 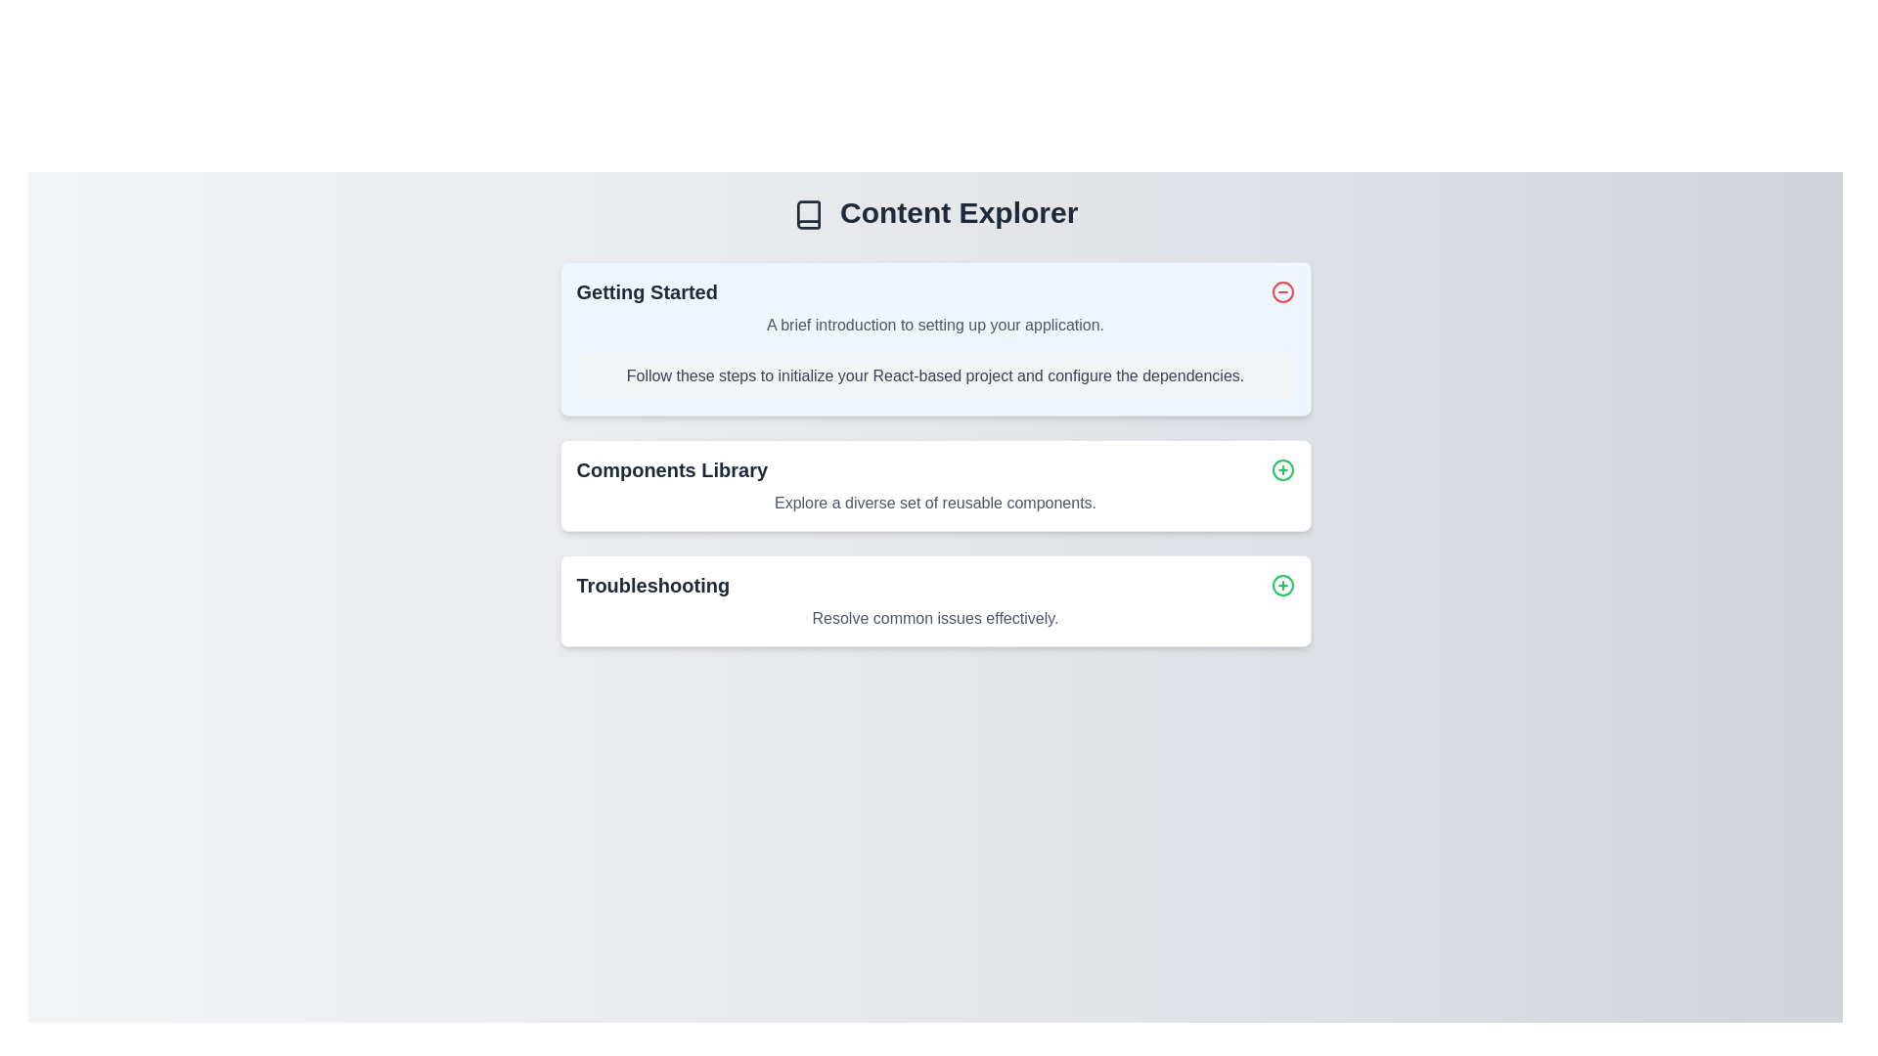 What do you see at coordinates (1282, 585) in the screenshot?
I see `the icon located on the right side of the 'Troubleshooting' section` at bounding box center [1282, 585].